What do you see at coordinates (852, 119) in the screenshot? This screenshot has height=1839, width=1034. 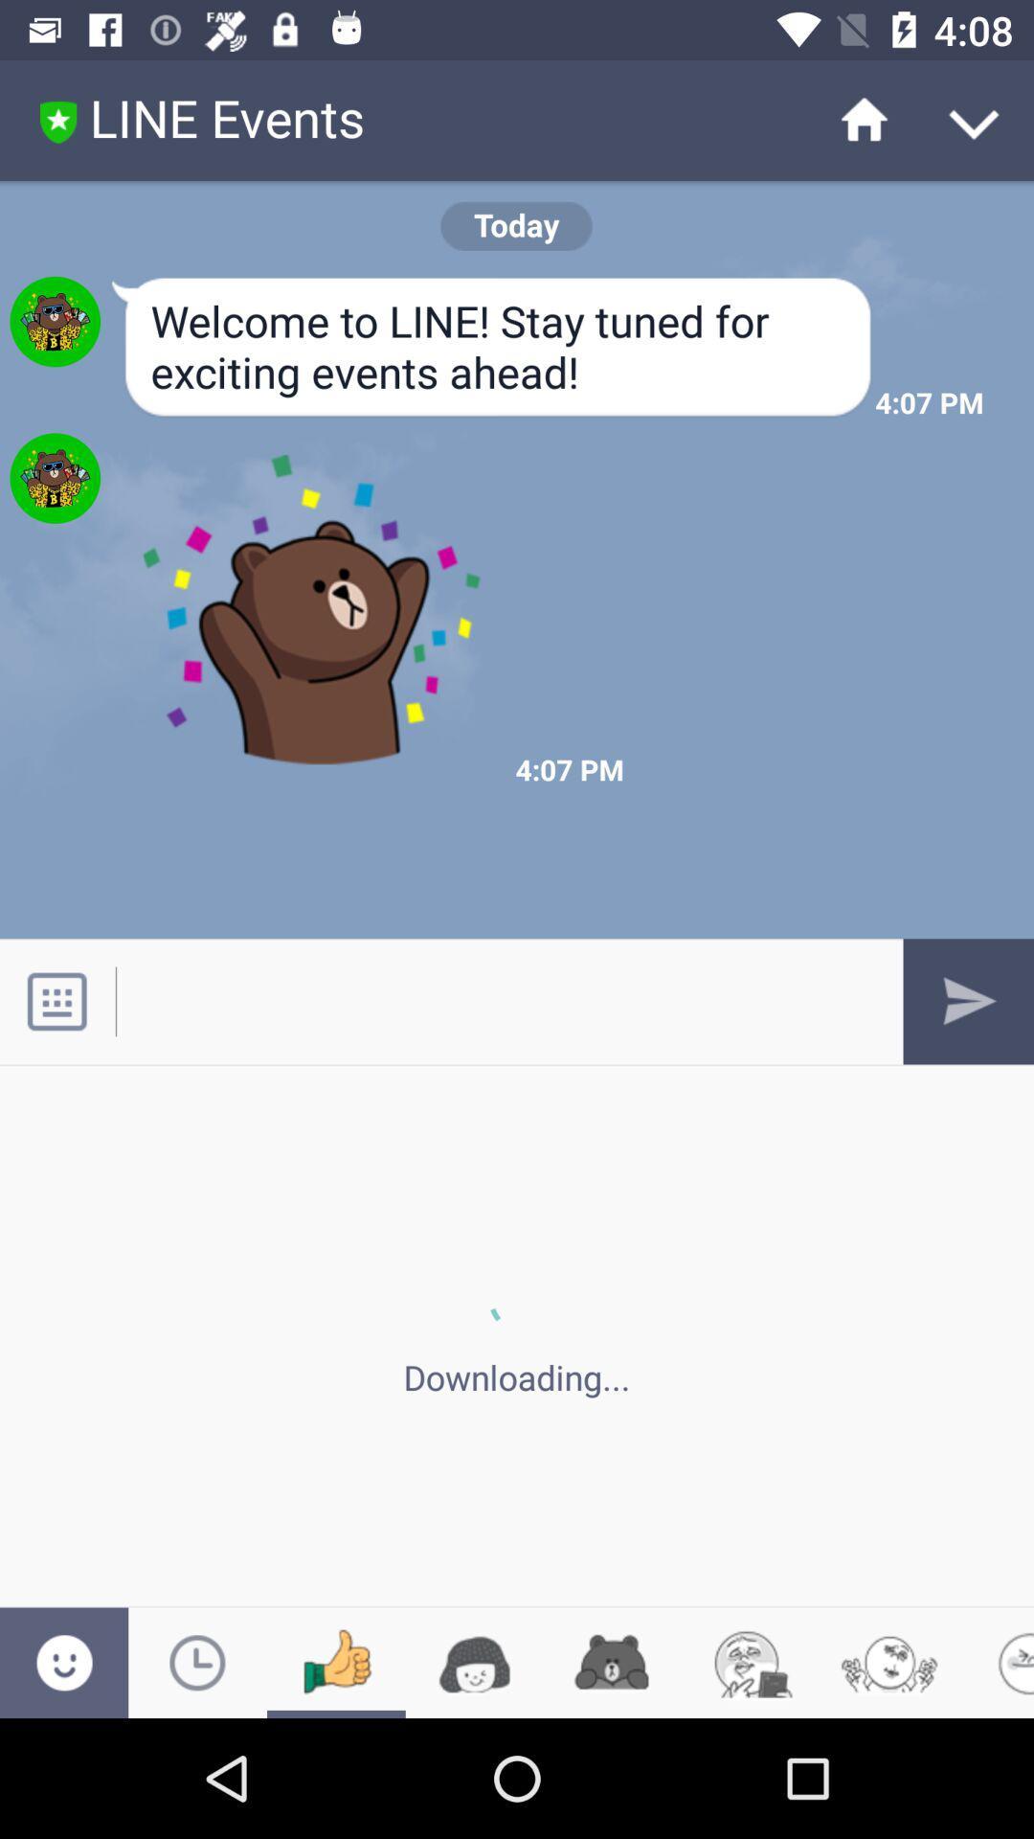 I see `home button` at bounding box center [852, 119].